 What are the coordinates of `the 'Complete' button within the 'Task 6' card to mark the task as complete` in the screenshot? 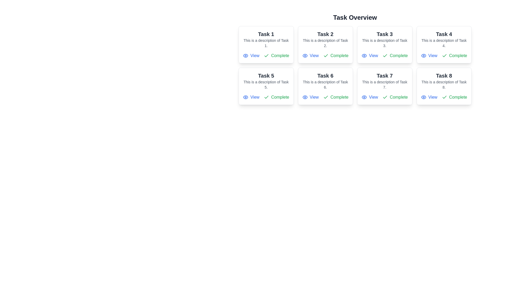 It's located at (325, 97).